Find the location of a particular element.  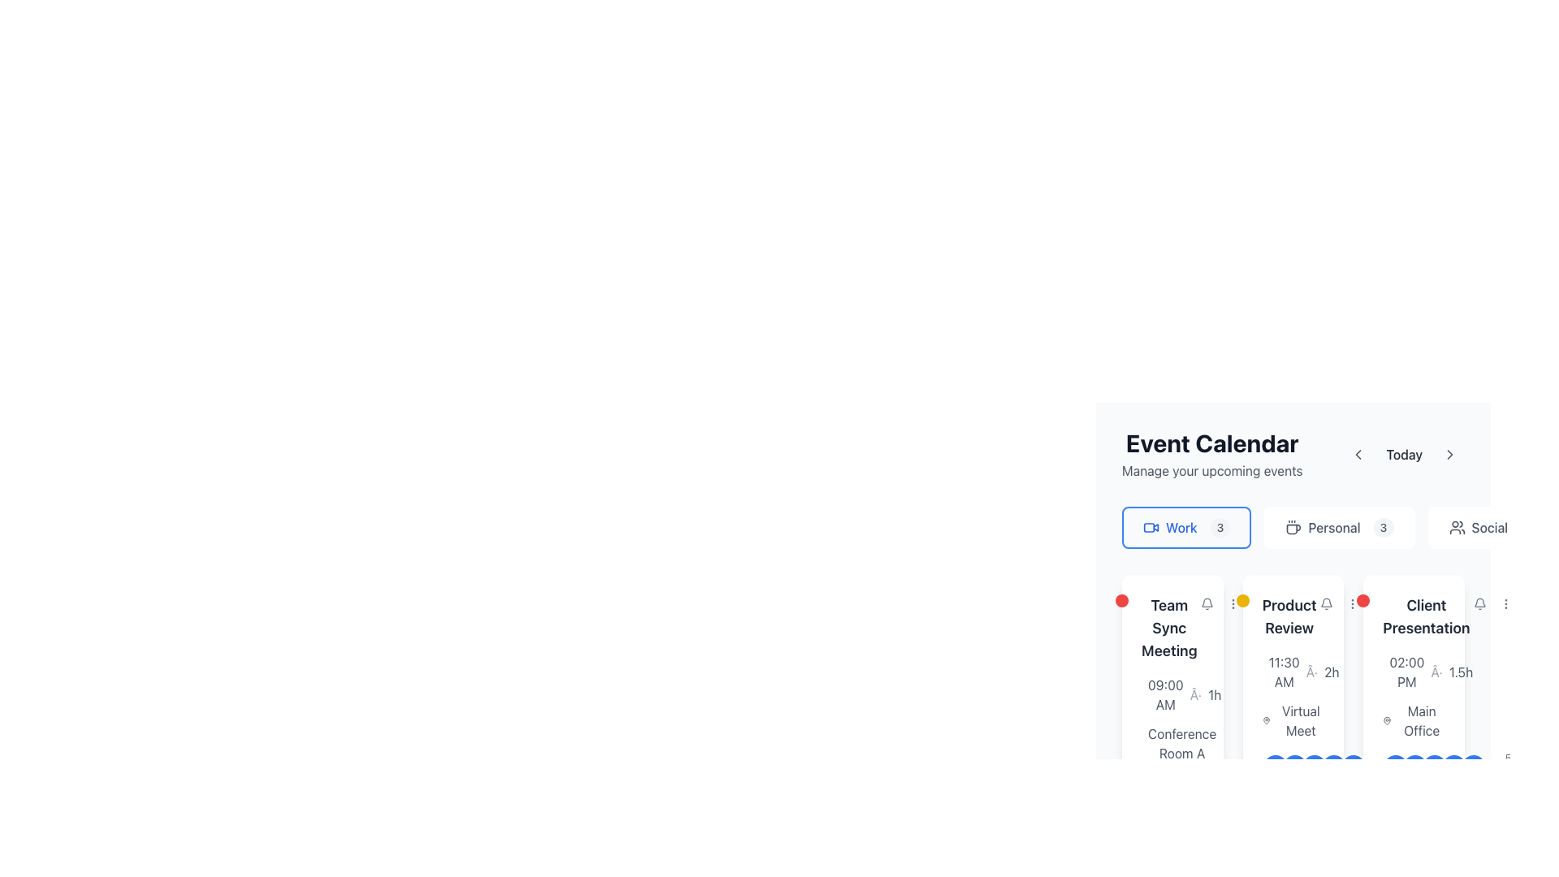

the 'Virtual Meet' text label in the calendar event card under the title 'Product Review' is located at coordinates (1301, 719).